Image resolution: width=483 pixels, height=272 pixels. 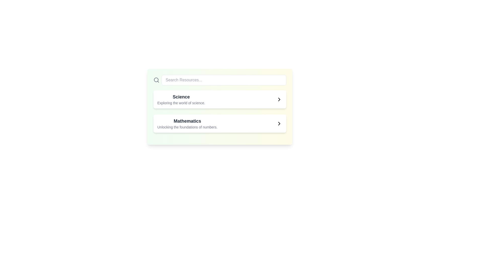 What do you see at coordinates (187, 127) in the screenshot?
I see `the static text element that reads 'Unlocking the foundations of numbers.' which is located beneath the title 'Mathematics'` at bounding box center [187, 127].